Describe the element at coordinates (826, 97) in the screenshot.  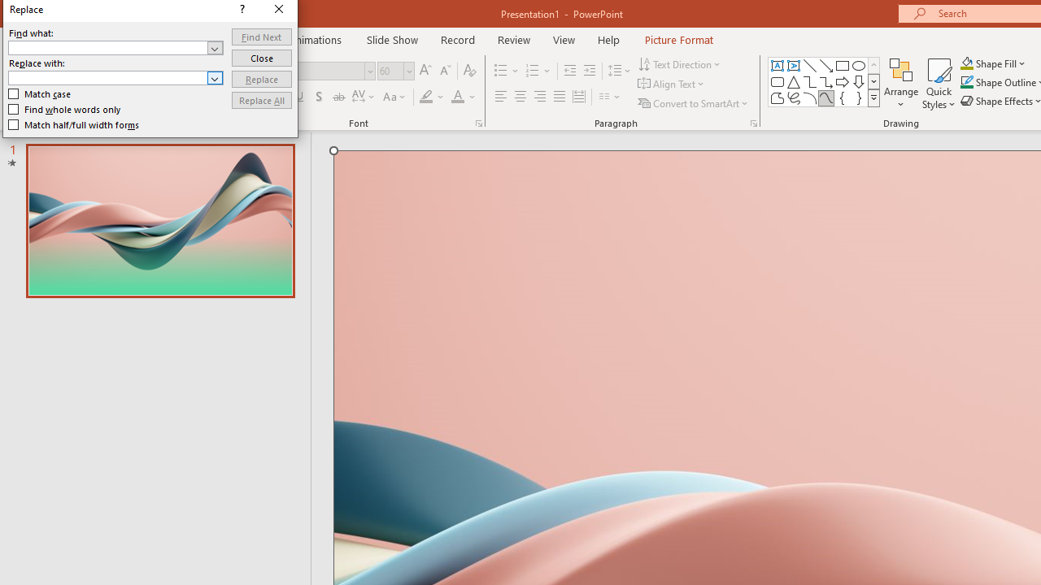
I see `'Curve'` at that location.